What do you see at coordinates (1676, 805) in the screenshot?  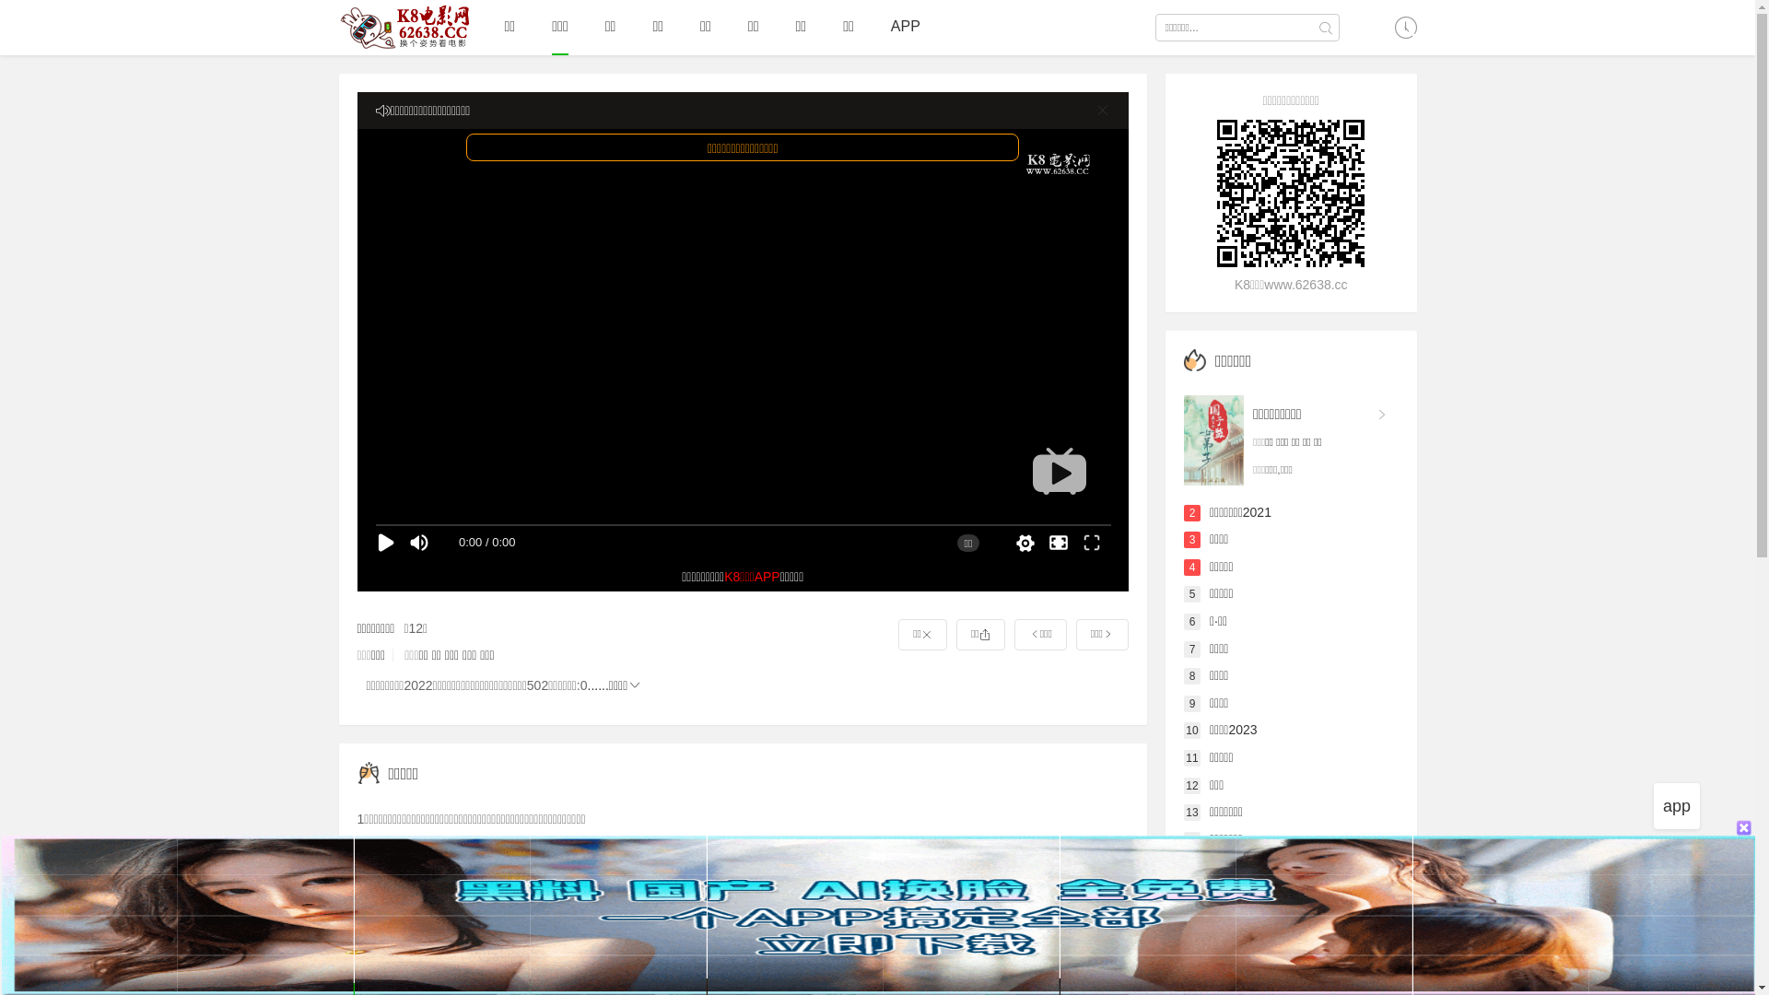 I see `'app'` at bounding box center [1676, 805].